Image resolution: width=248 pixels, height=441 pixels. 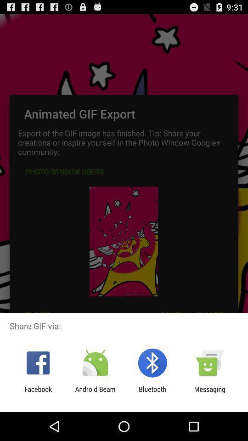 I want to click on item next to android beam icon, so click(x=152, y=393).